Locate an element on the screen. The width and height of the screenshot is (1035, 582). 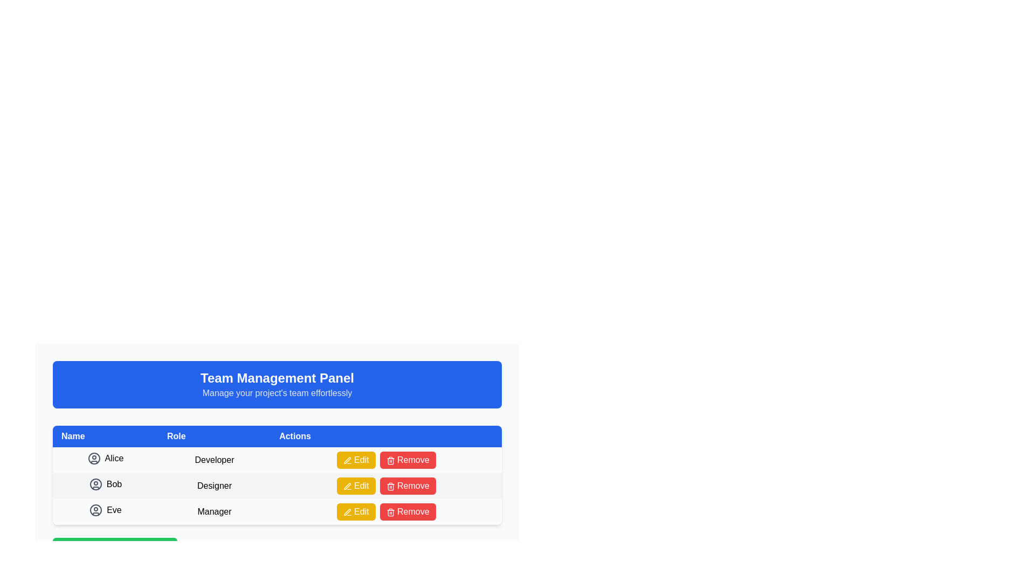
the trash bin icon within the 'Remove' button located in the 'Actions' column of the user roles management table is located at coordinates (390, 460).